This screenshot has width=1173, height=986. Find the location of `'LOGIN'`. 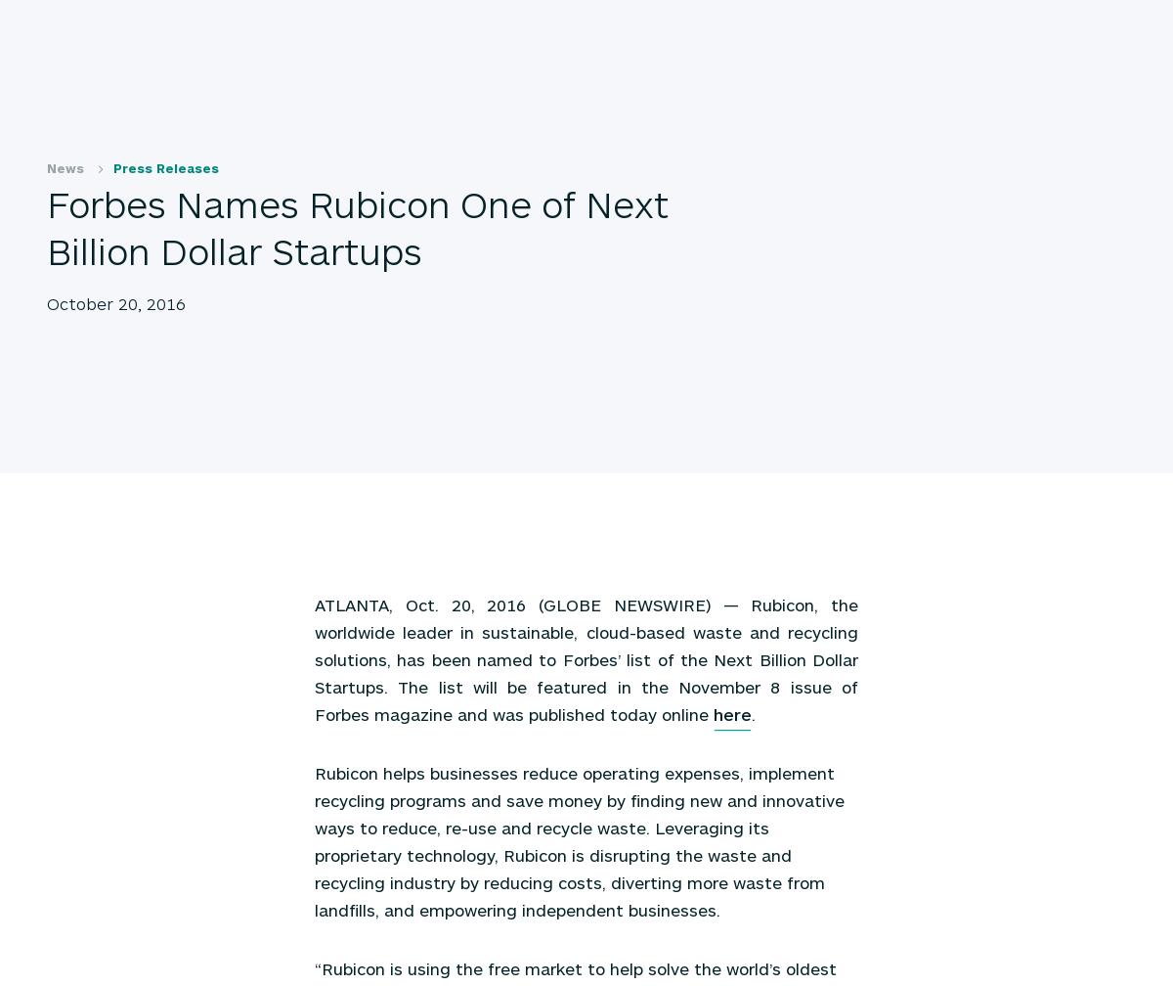

'LOGIN' is located at coordinates (997, 22).